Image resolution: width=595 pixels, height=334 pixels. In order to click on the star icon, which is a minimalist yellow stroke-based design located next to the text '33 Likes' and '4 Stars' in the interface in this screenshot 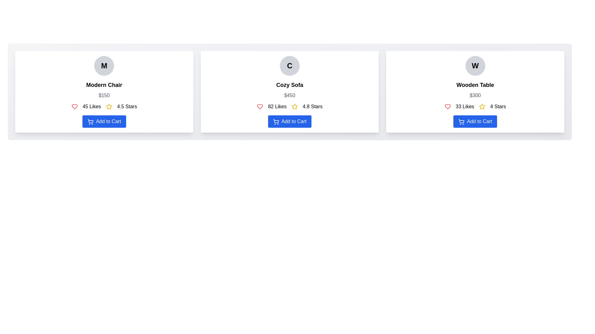, I will do `click(482, 106)`.